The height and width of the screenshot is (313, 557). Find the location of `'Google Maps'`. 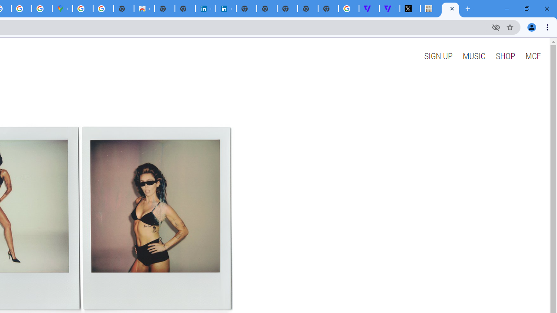

'Google Maps' is located at coordinates (62, 9).